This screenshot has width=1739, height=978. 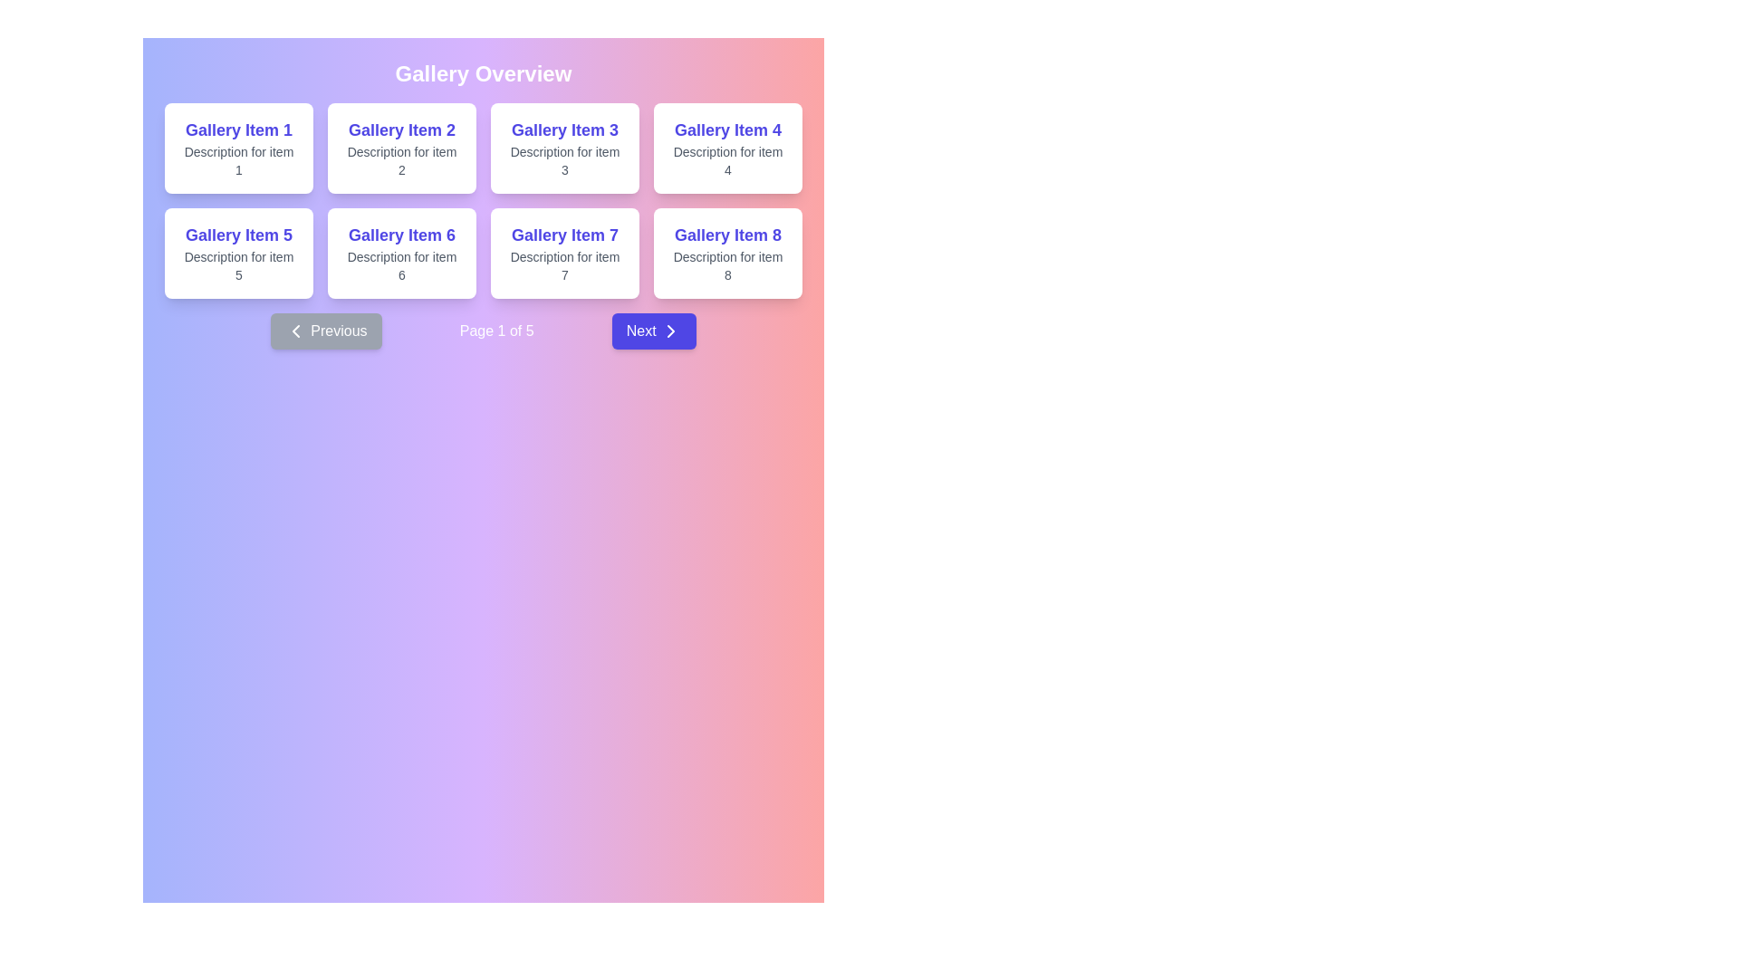 I want to click on the text displaying 'Description for item 6' located in the lower section of the 'Gallery Item 6' card for accessibility purposes, so click(x=401, y=265).